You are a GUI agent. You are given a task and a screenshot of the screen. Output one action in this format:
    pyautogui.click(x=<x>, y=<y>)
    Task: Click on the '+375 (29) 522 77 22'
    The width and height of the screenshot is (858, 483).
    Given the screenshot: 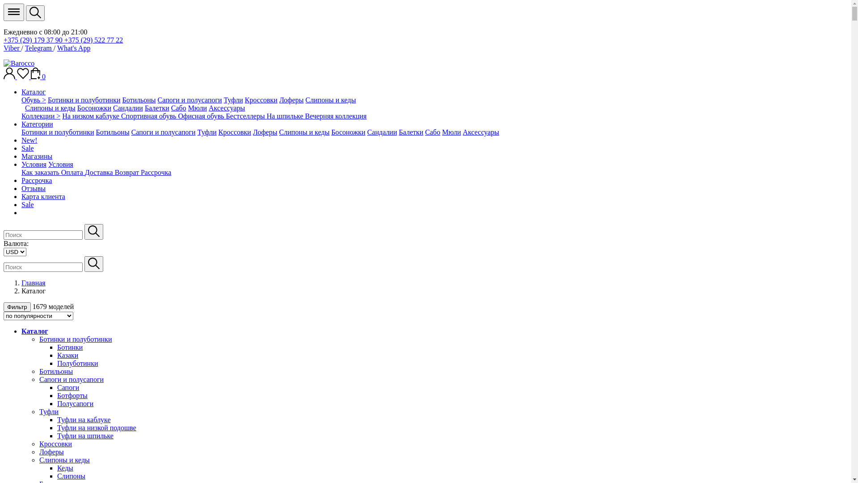 What is the action you would take?
    pyautogui.click(x=94, y=39)
    